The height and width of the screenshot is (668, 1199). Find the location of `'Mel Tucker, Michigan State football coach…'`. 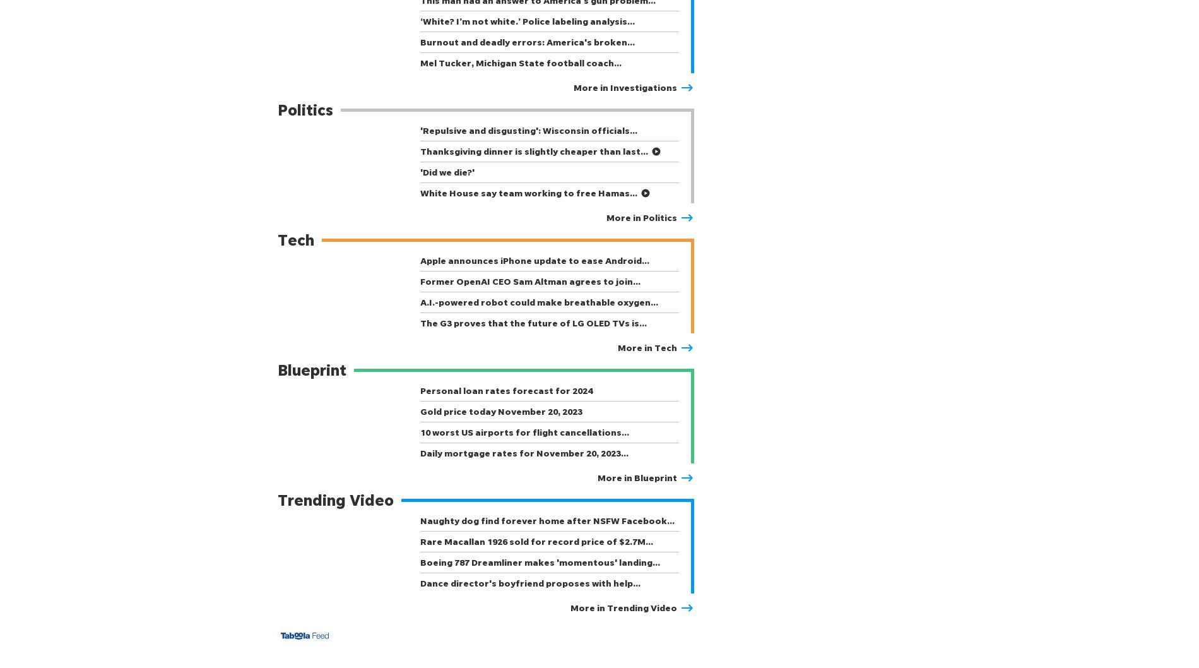

'Mel Tucker, Michigan State football coach…' is located at coordinates (420, 62).